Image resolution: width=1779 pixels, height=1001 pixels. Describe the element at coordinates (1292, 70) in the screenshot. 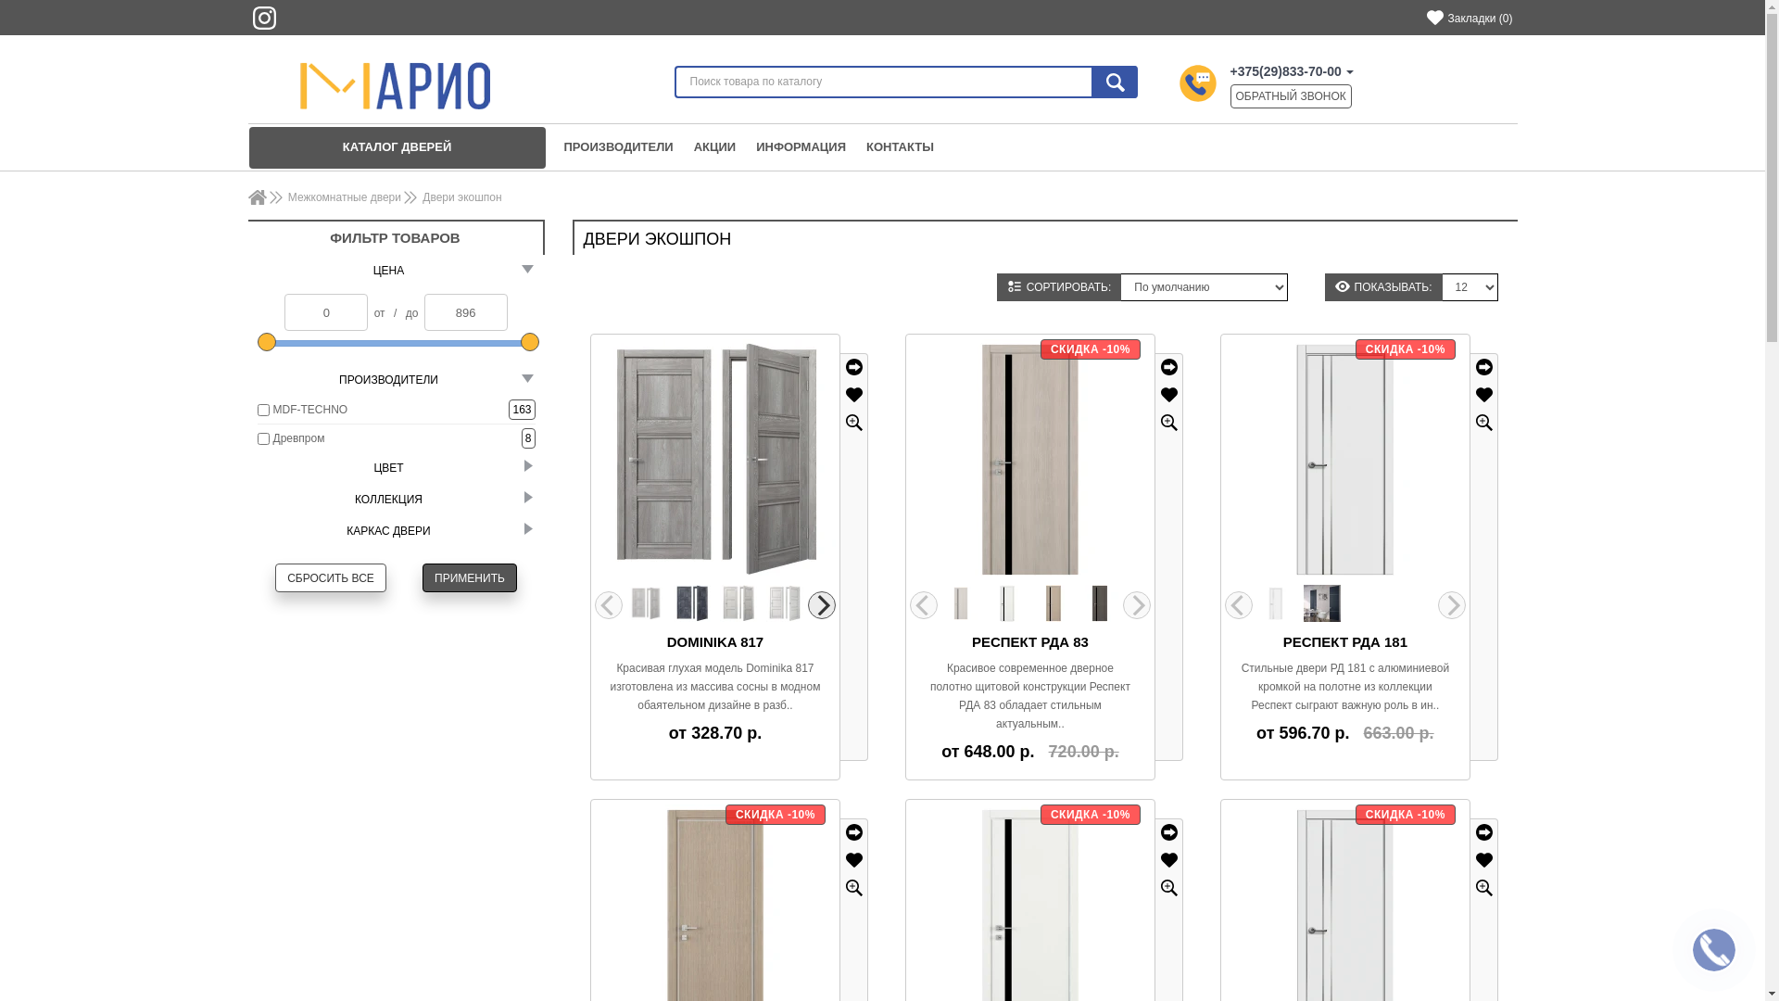

I see `'+375(29)833-70-00'` at that location.